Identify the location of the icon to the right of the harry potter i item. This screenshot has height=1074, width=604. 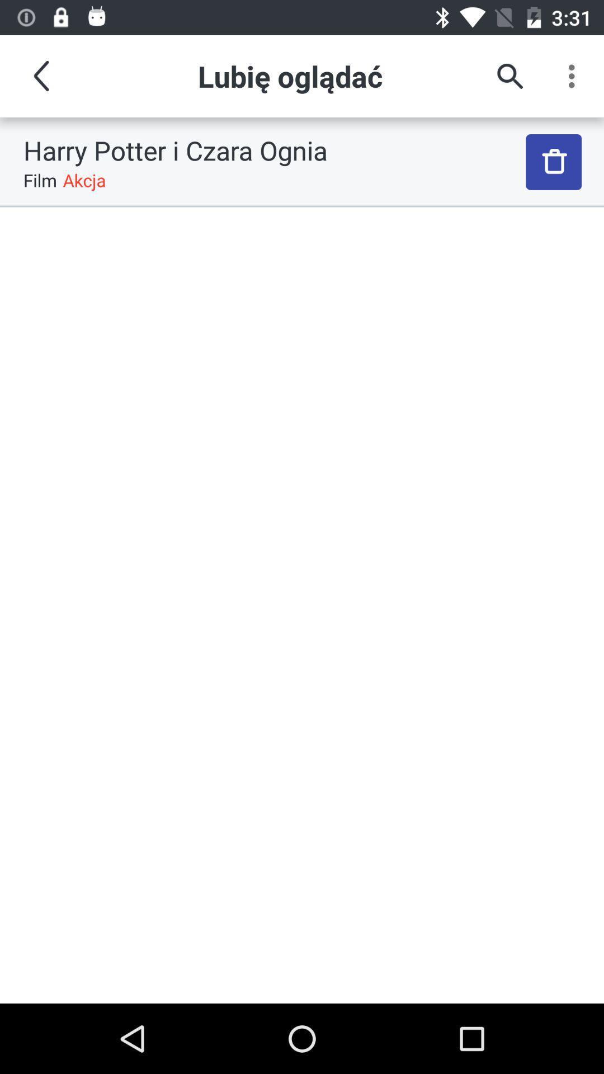
(554, 161).